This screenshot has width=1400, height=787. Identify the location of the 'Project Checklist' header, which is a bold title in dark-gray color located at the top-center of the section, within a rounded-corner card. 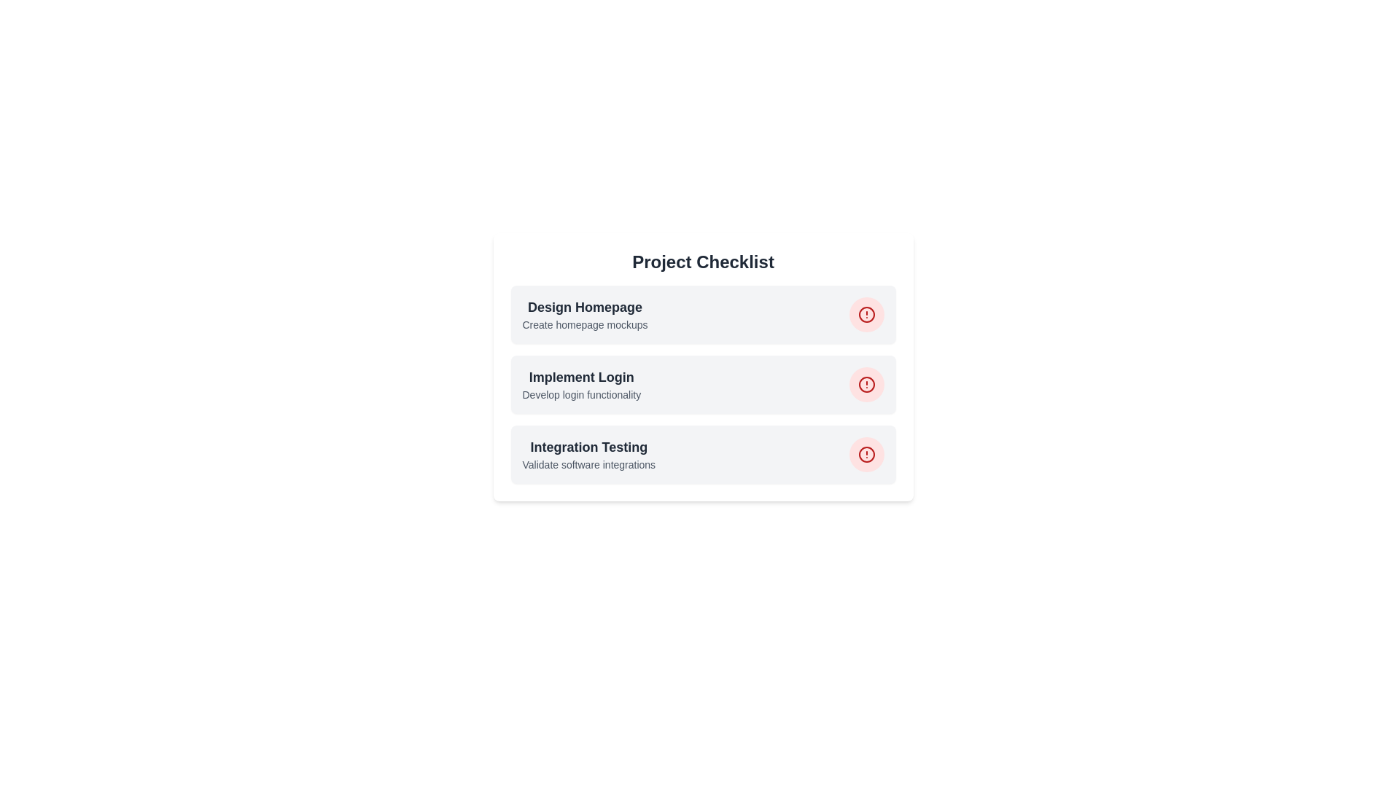
(703, 261).